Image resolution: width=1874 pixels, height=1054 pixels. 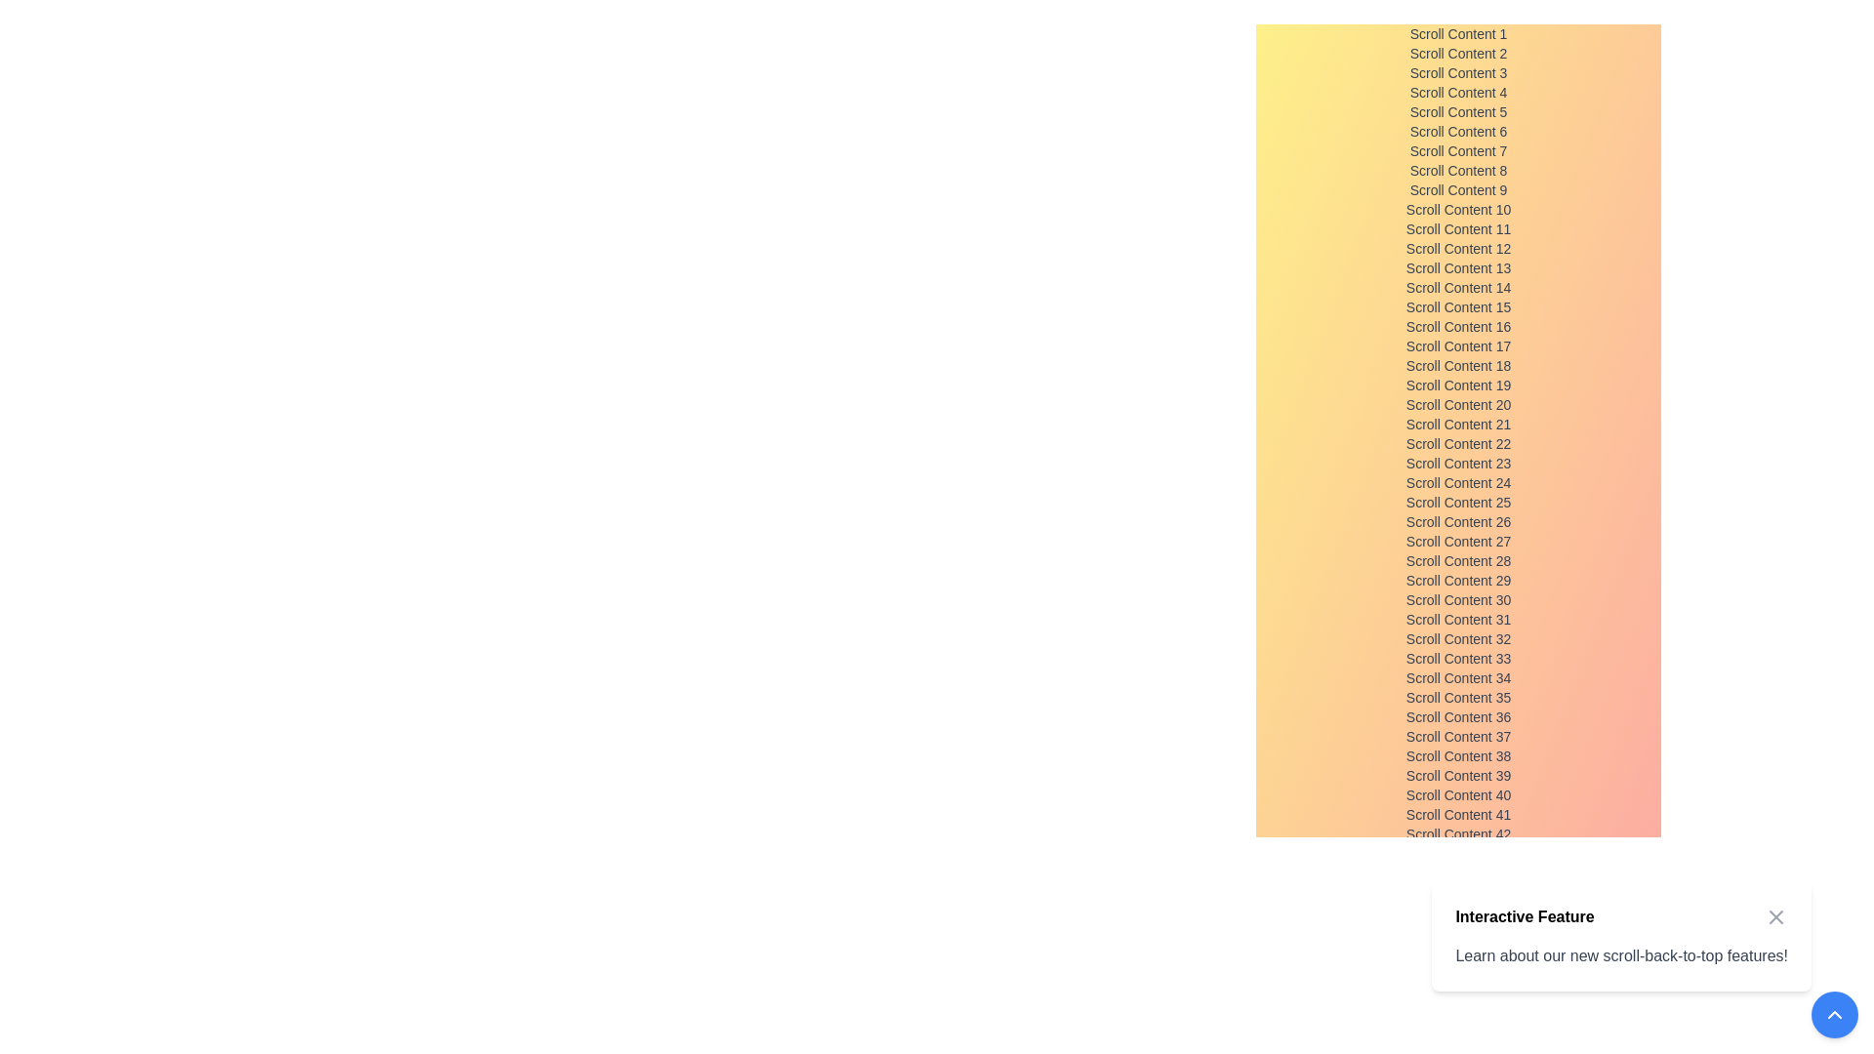 I want to click on the Text label displaying 'Scroll Content 26', which is styled in a small gray font against a yellow to red gradient background, located at the 26th position in a vertical list, so click(x=1458, y=521).